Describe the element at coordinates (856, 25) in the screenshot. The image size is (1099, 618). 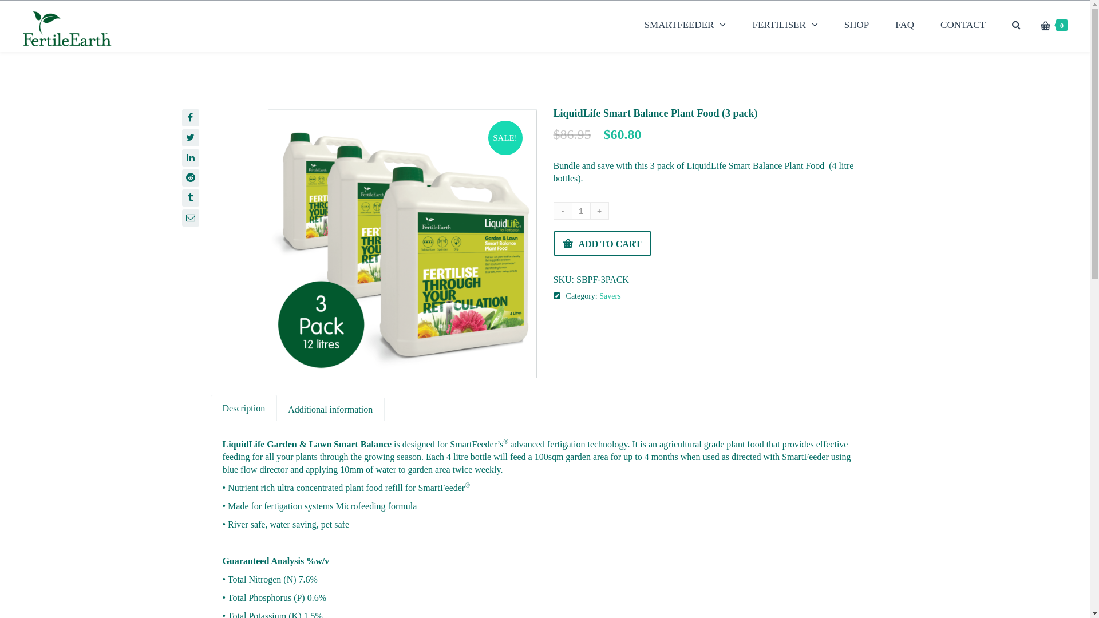
I see `'SHOP'` at that location.